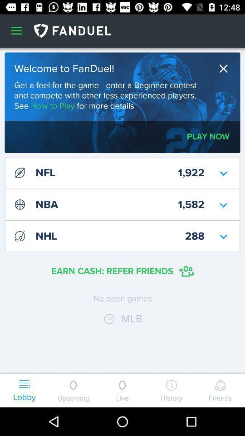  I want to click on the item below get a feel icon, so click(208, 137).